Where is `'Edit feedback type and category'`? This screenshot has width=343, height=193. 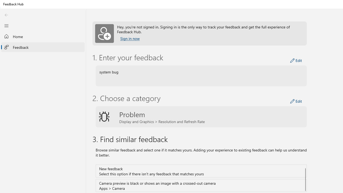
'Edit feedback type and category' is located at coordinates (296, 101).